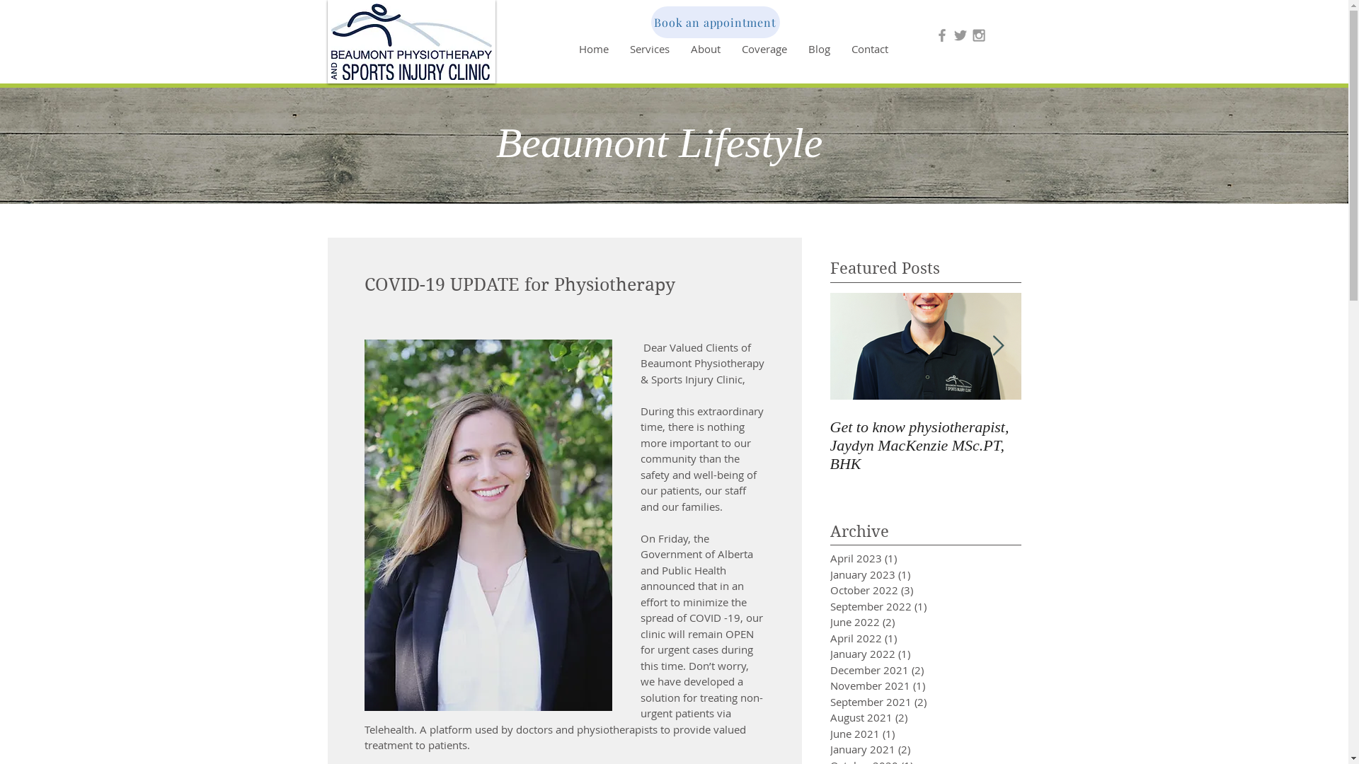 The image size is (1359, 764). Describe the element at coordinates (797, 48) in the screenshot. I see `'Blog'` at that location.